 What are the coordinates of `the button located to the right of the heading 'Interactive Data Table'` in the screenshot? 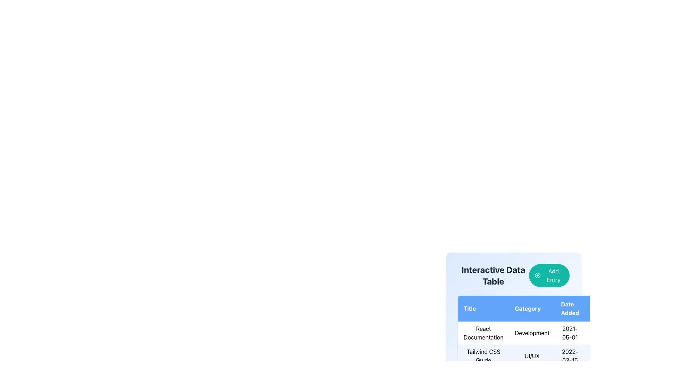 It's located at (549, 275).